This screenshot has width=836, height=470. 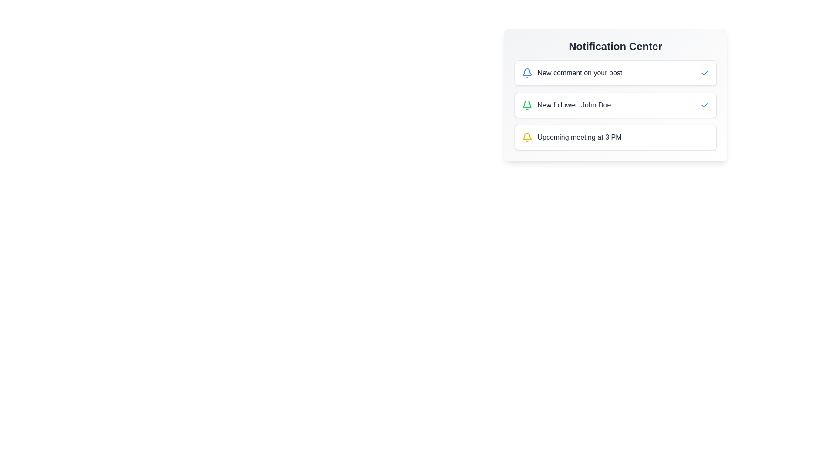 I want to click on the third notification card in the Notification Center, which has a white background, rounded corners, and displays the text 'Upcoming meeting at 3 PM.' that is struck through, so click(x=615, y=137).